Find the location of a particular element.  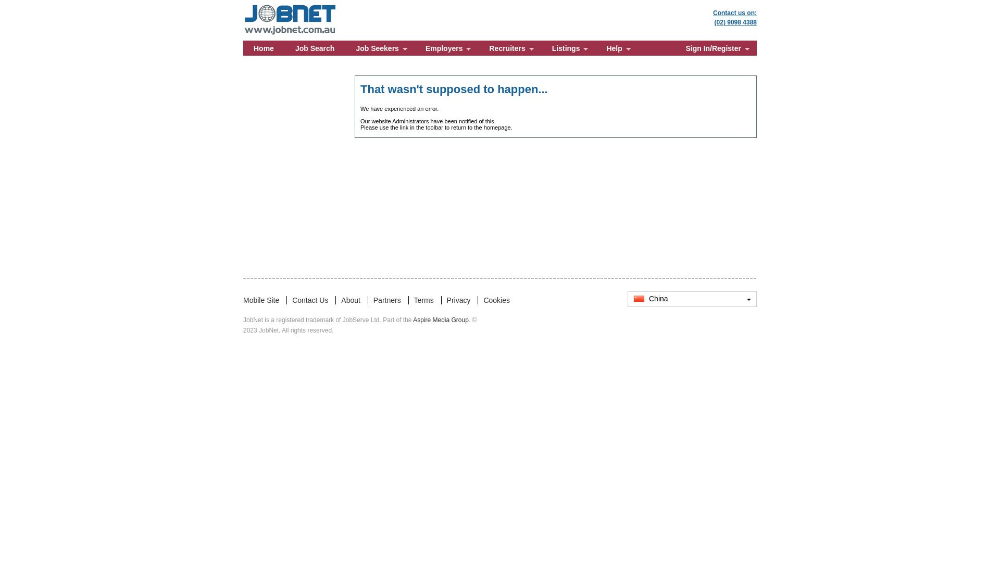

'JobNet: Jobs for Technical People' is located at coordinates (290, 6).